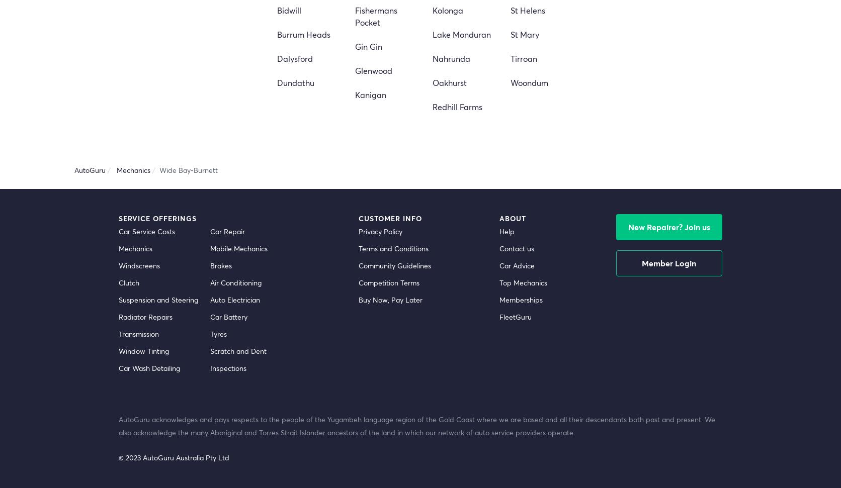  Describe the element at coordinates (145, 316) in the screenshot. I see `'Radiator Repairs'` at that location.